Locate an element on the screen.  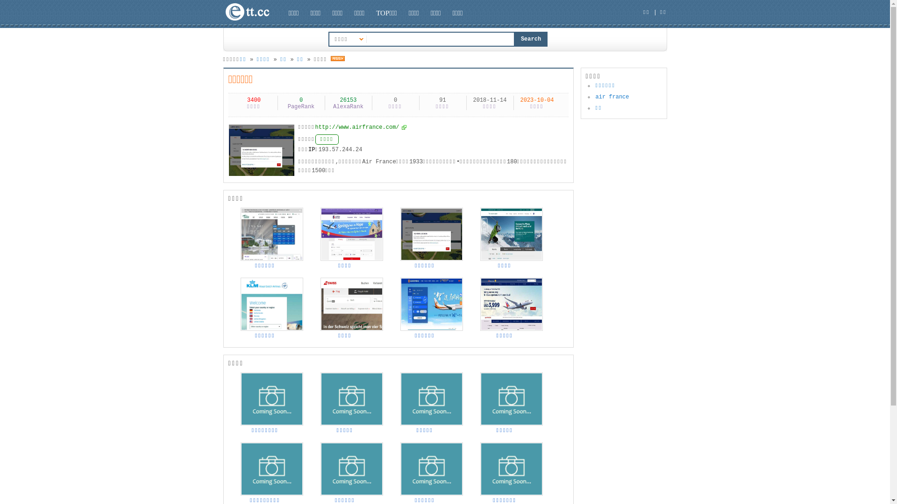
'air france' is located at coordinates (612, 97).